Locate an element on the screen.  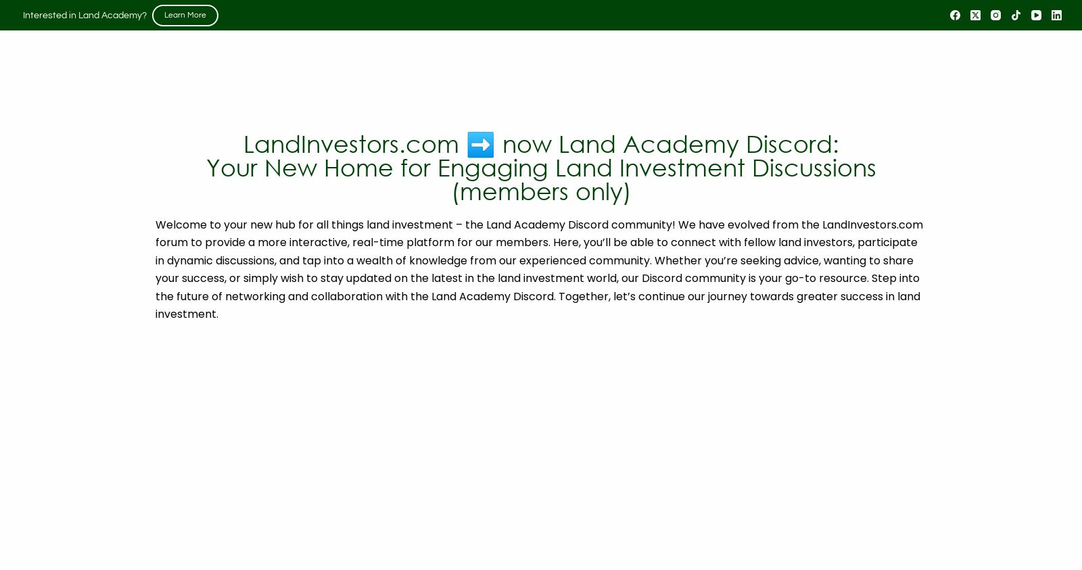
'Login' is located at coordinates (951, 16).